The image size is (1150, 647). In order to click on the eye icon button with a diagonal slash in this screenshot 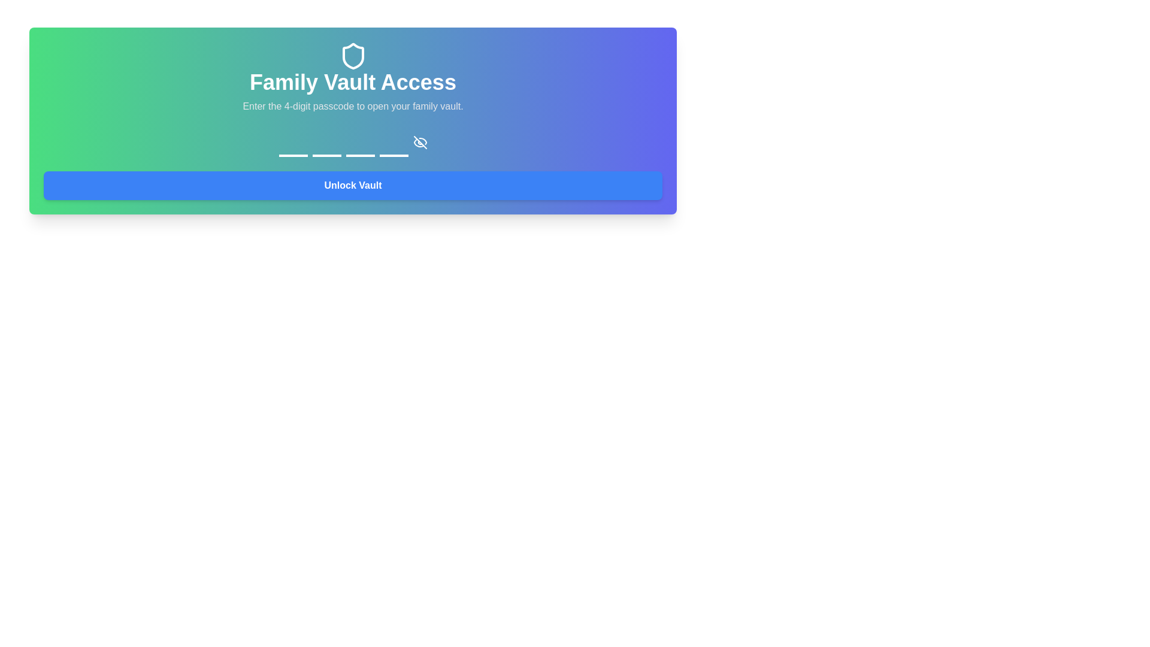, I will do `click(420, 142)`.